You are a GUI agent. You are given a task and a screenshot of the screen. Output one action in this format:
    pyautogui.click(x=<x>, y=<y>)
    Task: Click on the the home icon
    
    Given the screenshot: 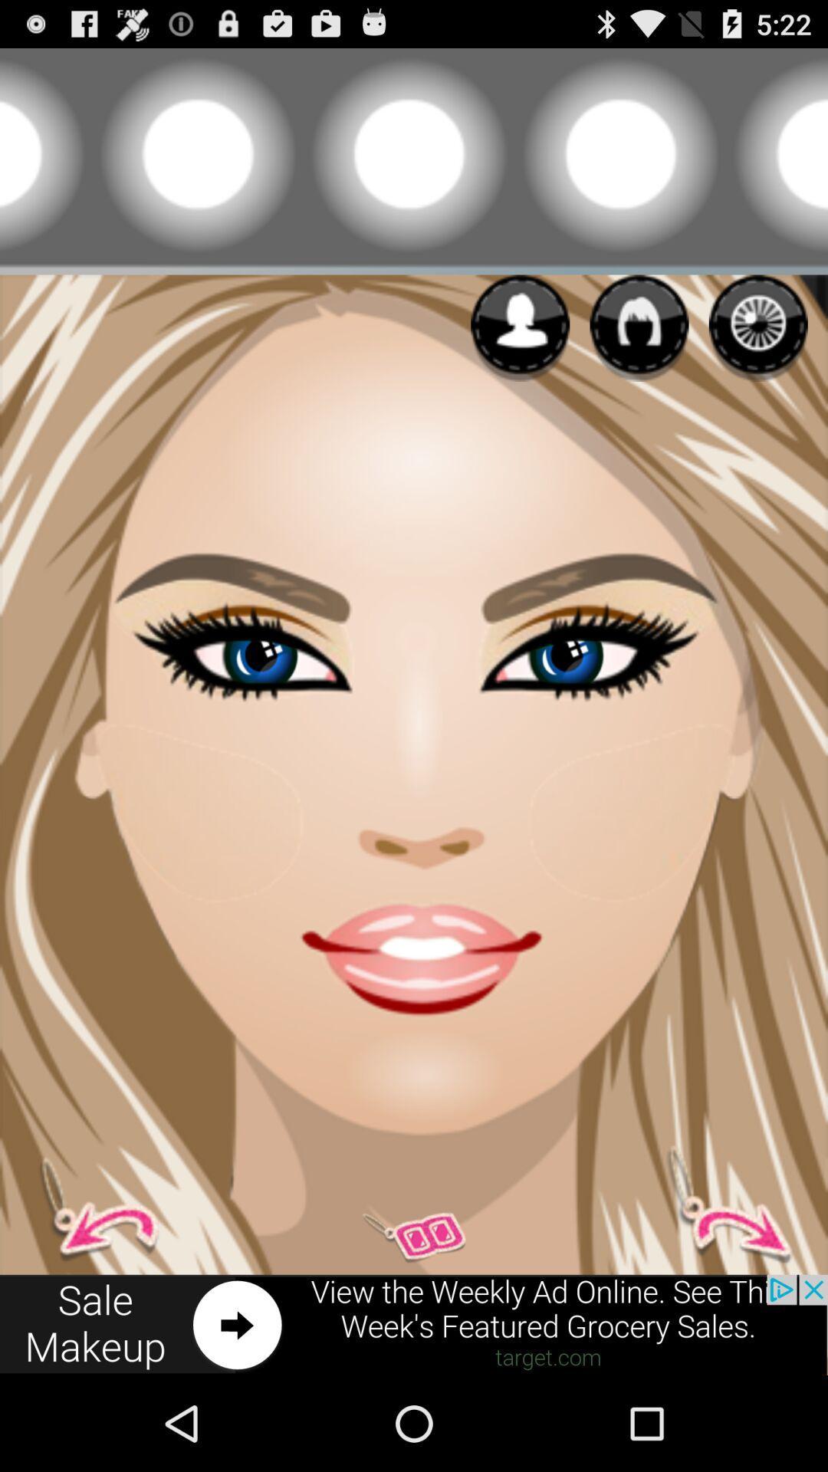 What is the action you would take?
    pyautogui.click(x=639, y=350)
    